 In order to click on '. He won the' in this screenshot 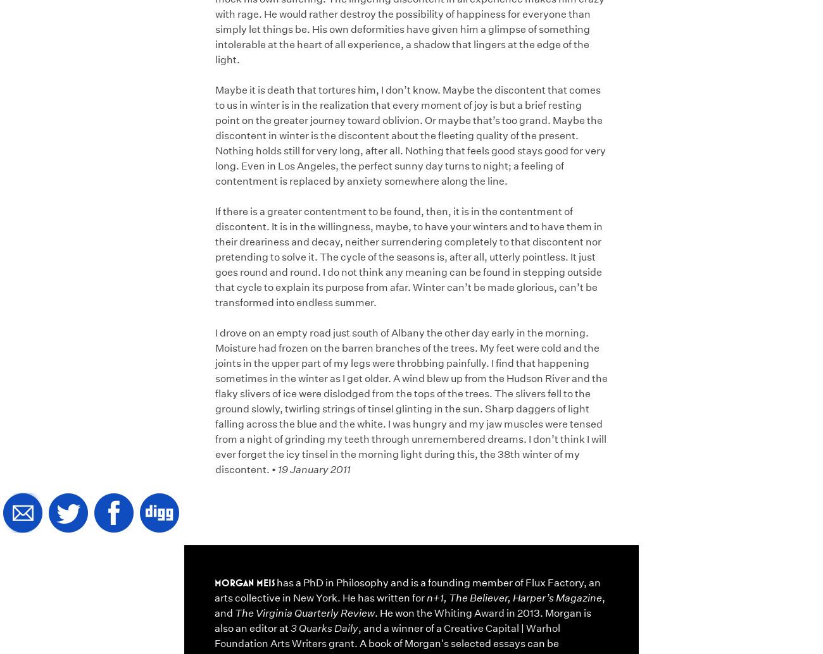, I will do `click(404, 612)`.